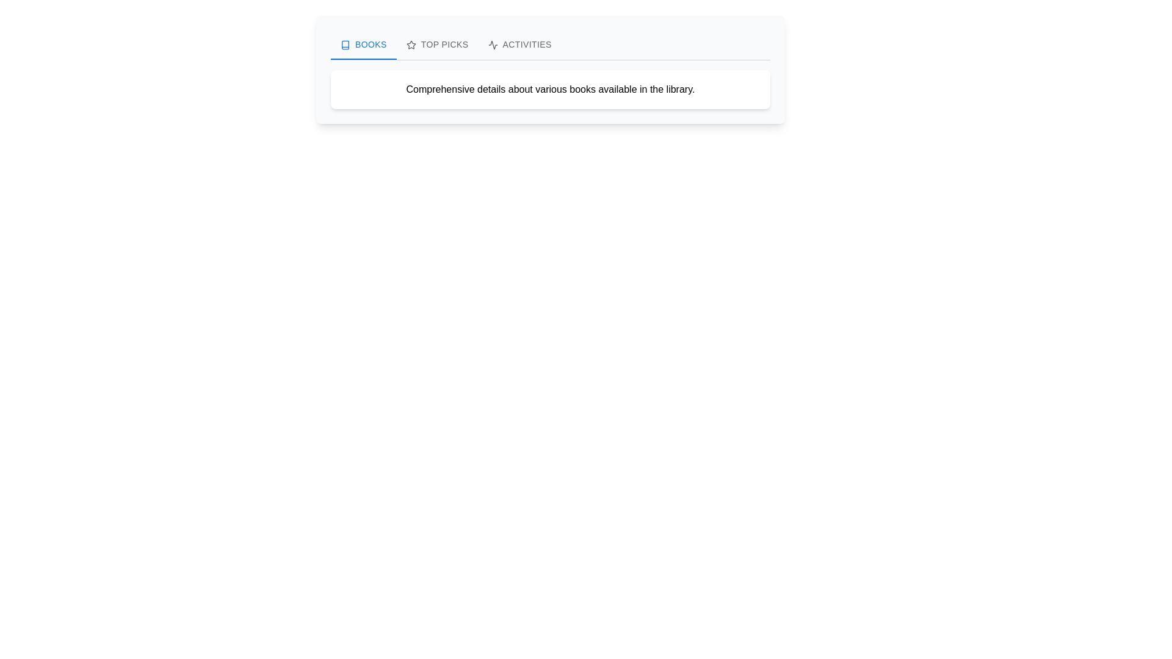 The width and height of the screenshot is (1172, 659). Describe the element at coordinates (363, 44) in the screenshot. I see `the 'Books' navigation tab` at that location.